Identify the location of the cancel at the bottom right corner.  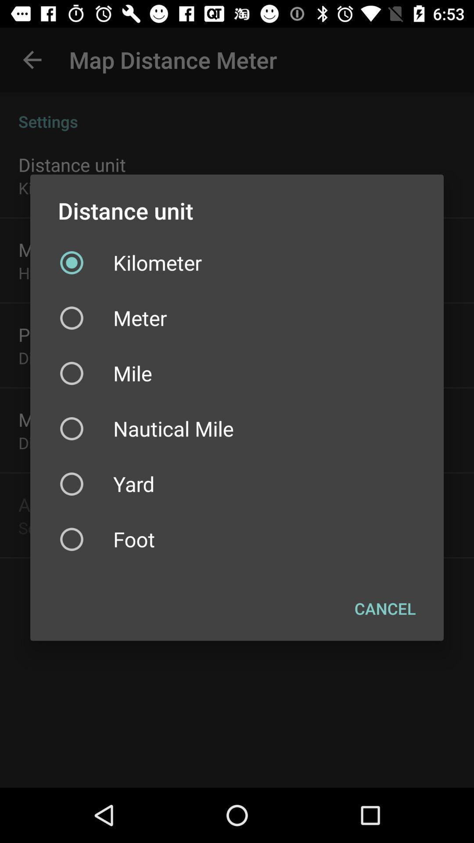
(384, 608).